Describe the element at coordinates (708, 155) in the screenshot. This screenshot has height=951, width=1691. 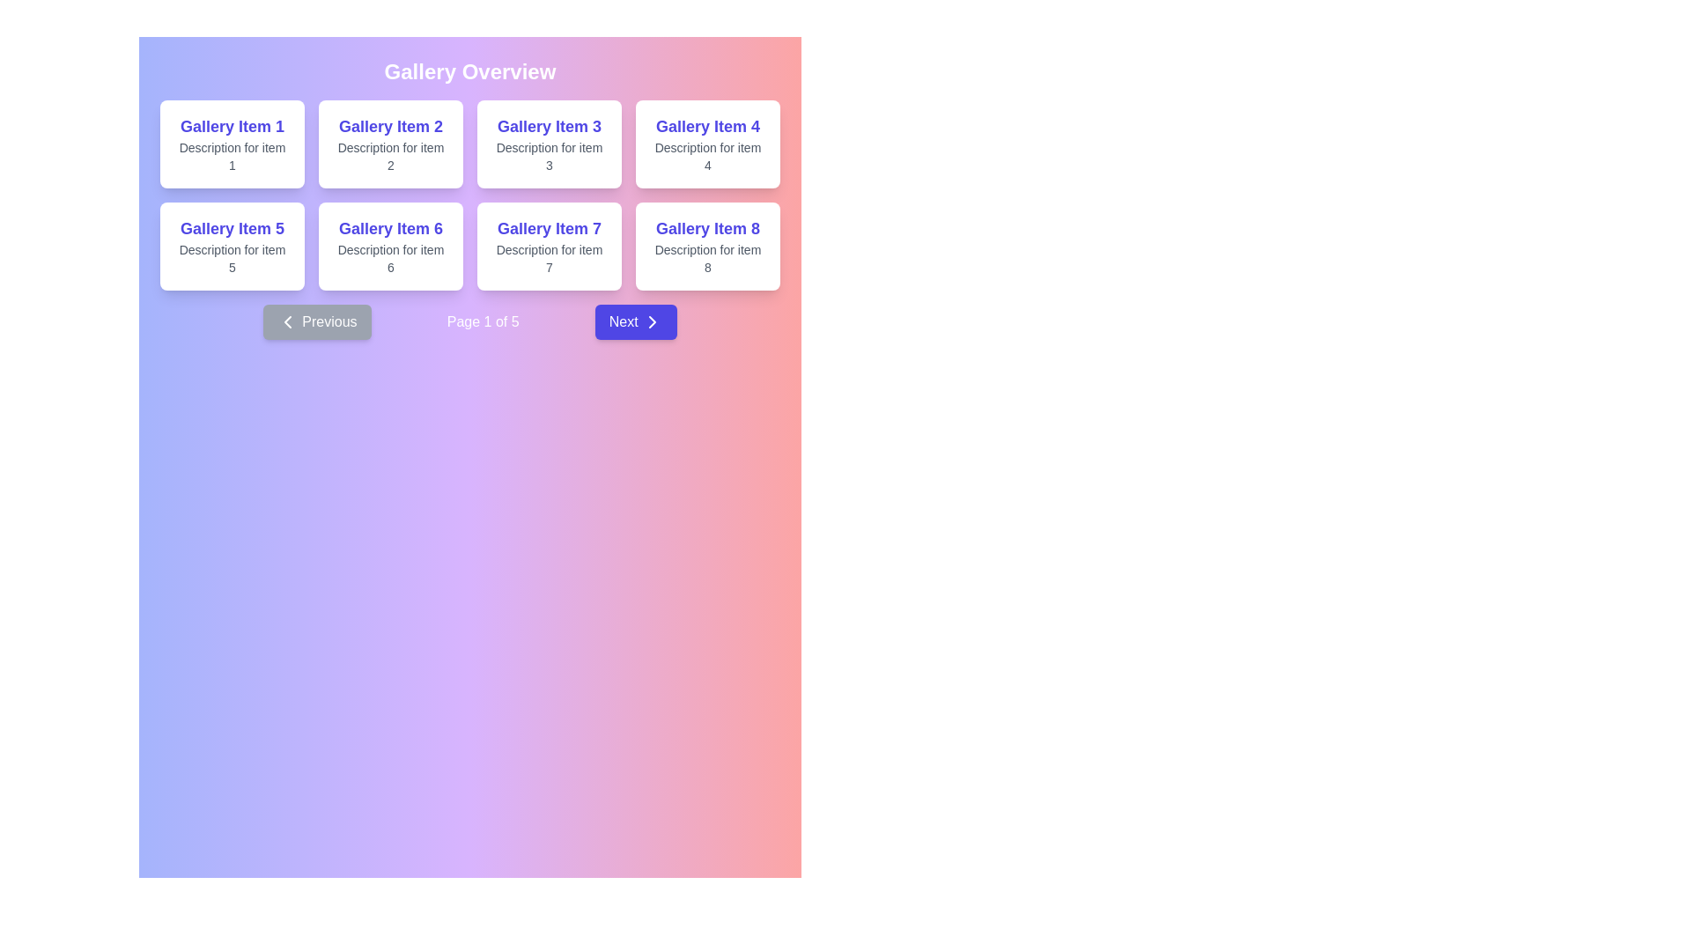
I see `the Text Label displaying 'Description for item 4', which is located below the title 'Gallery Item 4' in the fourth card of the gallery` at that location.